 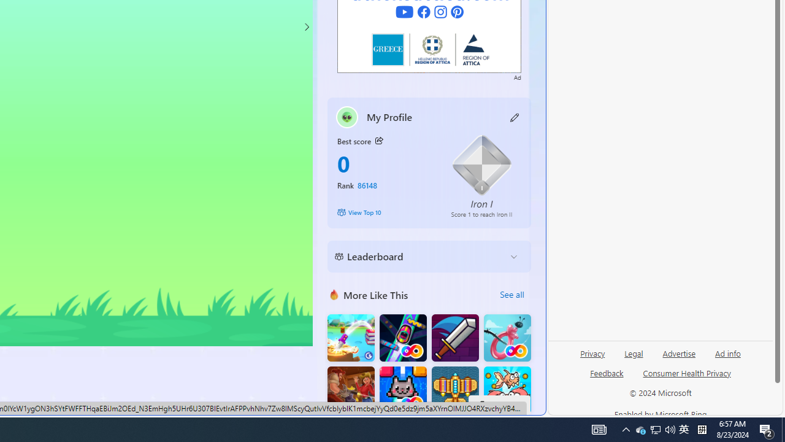 I want to click on '""', so click(x=346, y=117).